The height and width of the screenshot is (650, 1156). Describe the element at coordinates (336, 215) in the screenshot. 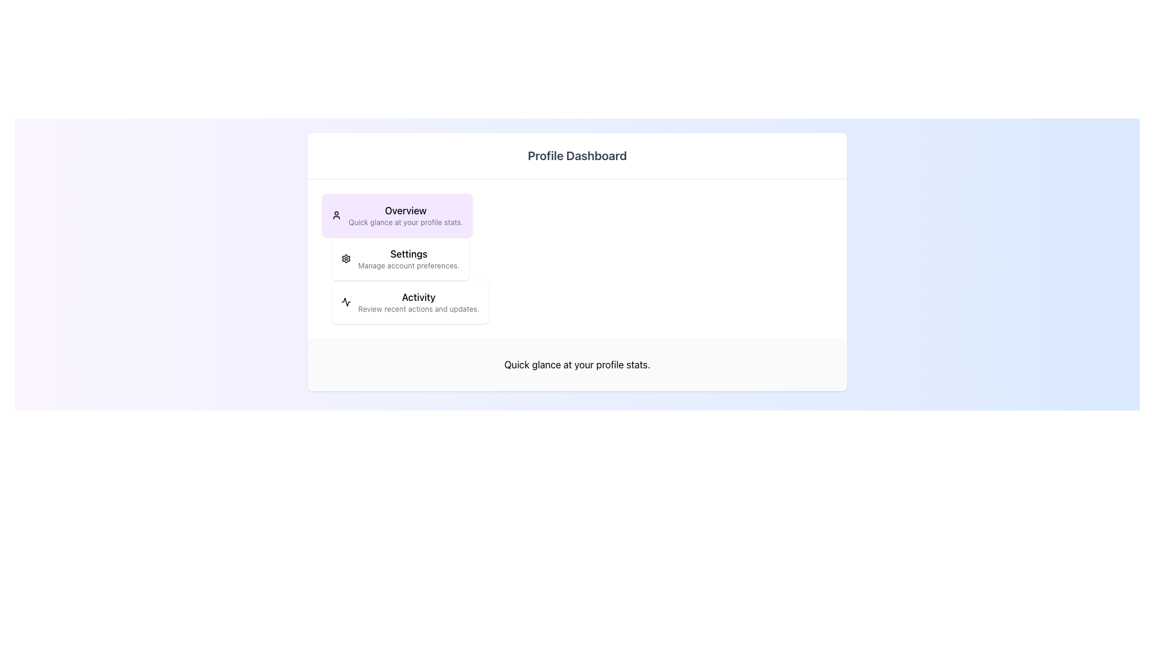

I see `the user profile icon located at the top-left of the 'Overview' section within the first card for profile management` at that location.